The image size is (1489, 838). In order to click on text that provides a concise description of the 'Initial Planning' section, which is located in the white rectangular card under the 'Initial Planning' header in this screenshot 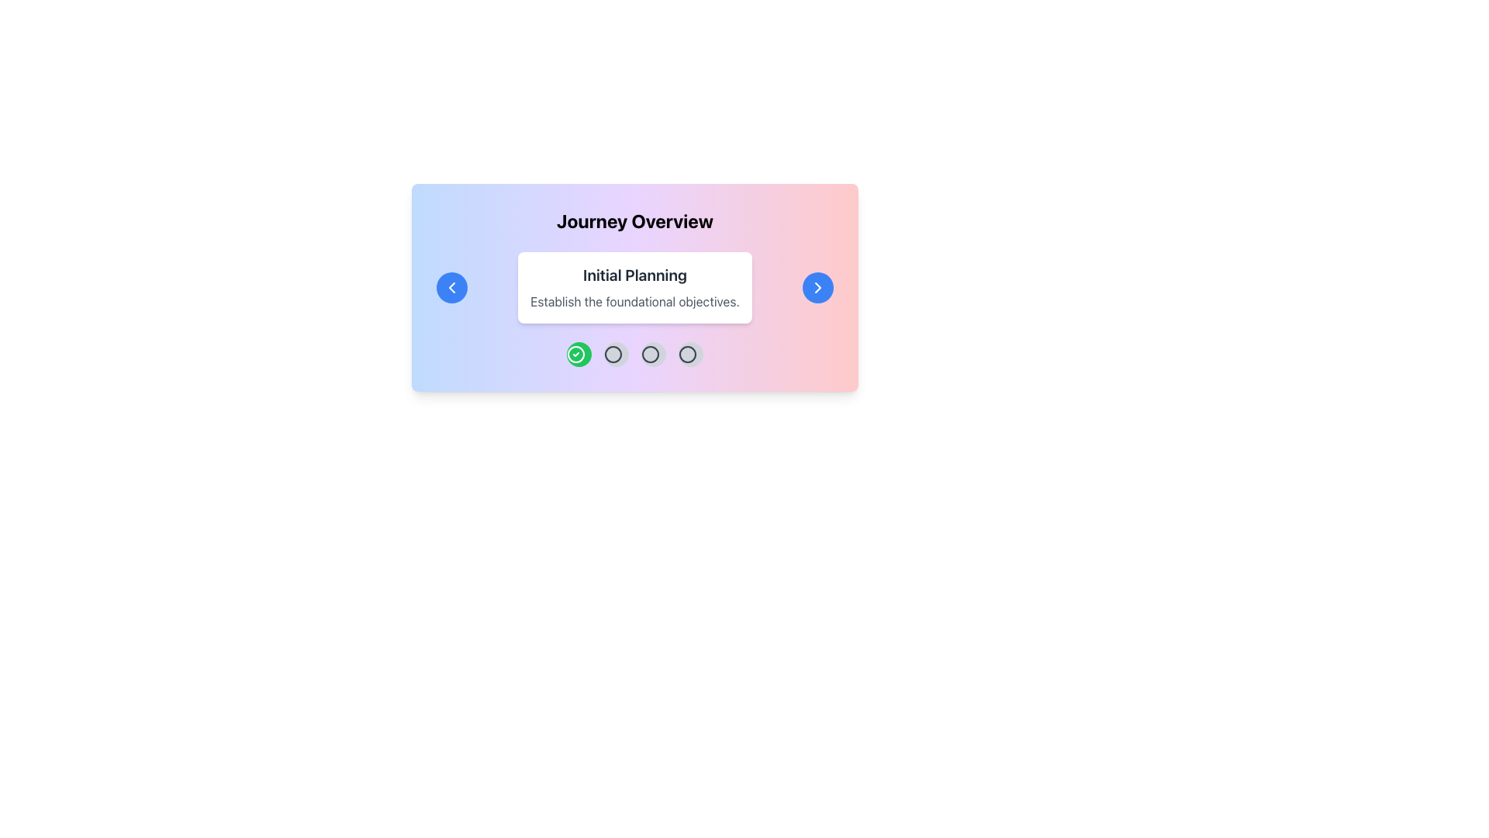, I will do `click(635, 302)`.